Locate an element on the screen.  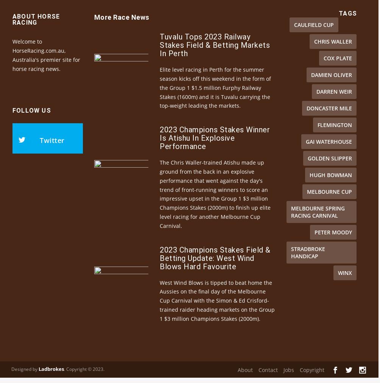
'The Chris Waller-trained Atishu made up ground from the back in an explosive performance that went against the day's trend of front-running winners to score an impressive upset in the Group 1 $3 million Champions Stakes (2000m) to finish up elite level racing for another Melbourne Cup Carnival.' is located at coordinates (215, 207).